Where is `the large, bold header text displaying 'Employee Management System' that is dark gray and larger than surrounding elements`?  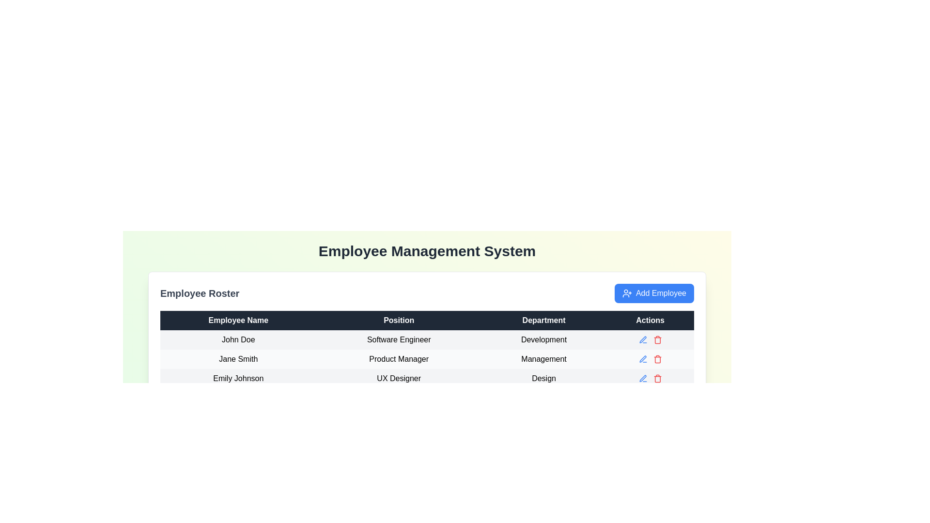
the large, bold header text displaying 'Employee Management System' that is dark gray and larger than surrounding elements is located at coordinates (427, 251).